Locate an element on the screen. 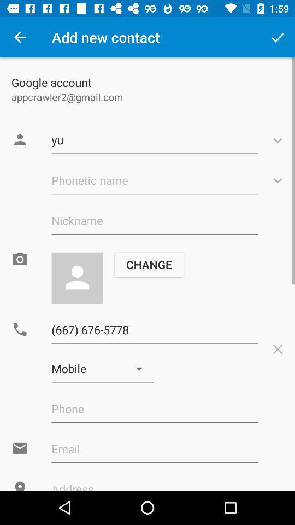 The image size is (295, 525). the first text field on the web page is located at coordinates (154, 139).